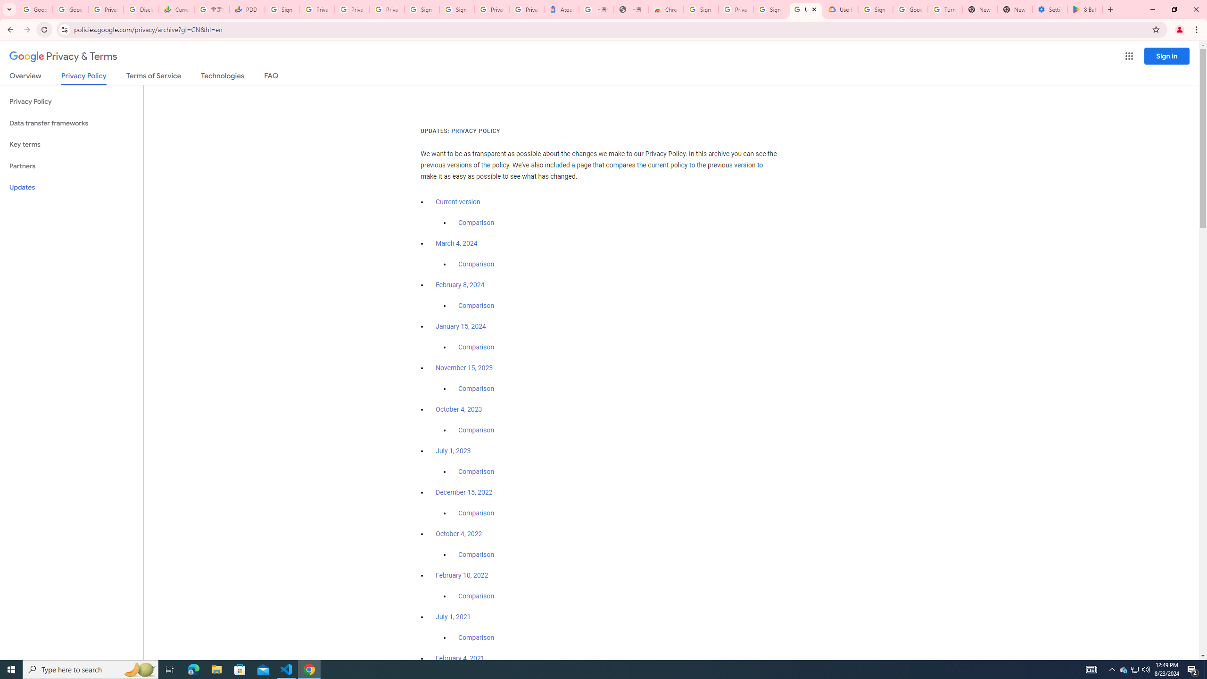  What do you see at coordinates (460, 285) in the screenshot?
I see `'February 8, 2024'` at bounding box center [460, 285].